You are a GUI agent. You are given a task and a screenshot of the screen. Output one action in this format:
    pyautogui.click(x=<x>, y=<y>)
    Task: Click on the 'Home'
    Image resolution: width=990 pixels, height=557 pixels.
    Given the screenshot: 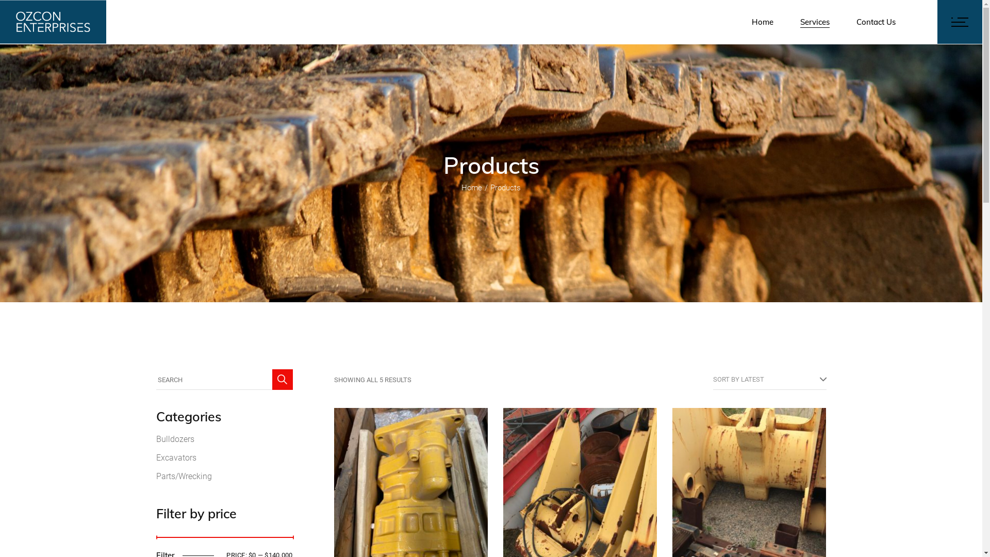 What is the action you would take?
    pyautogui.click(x=471, y=187)
    